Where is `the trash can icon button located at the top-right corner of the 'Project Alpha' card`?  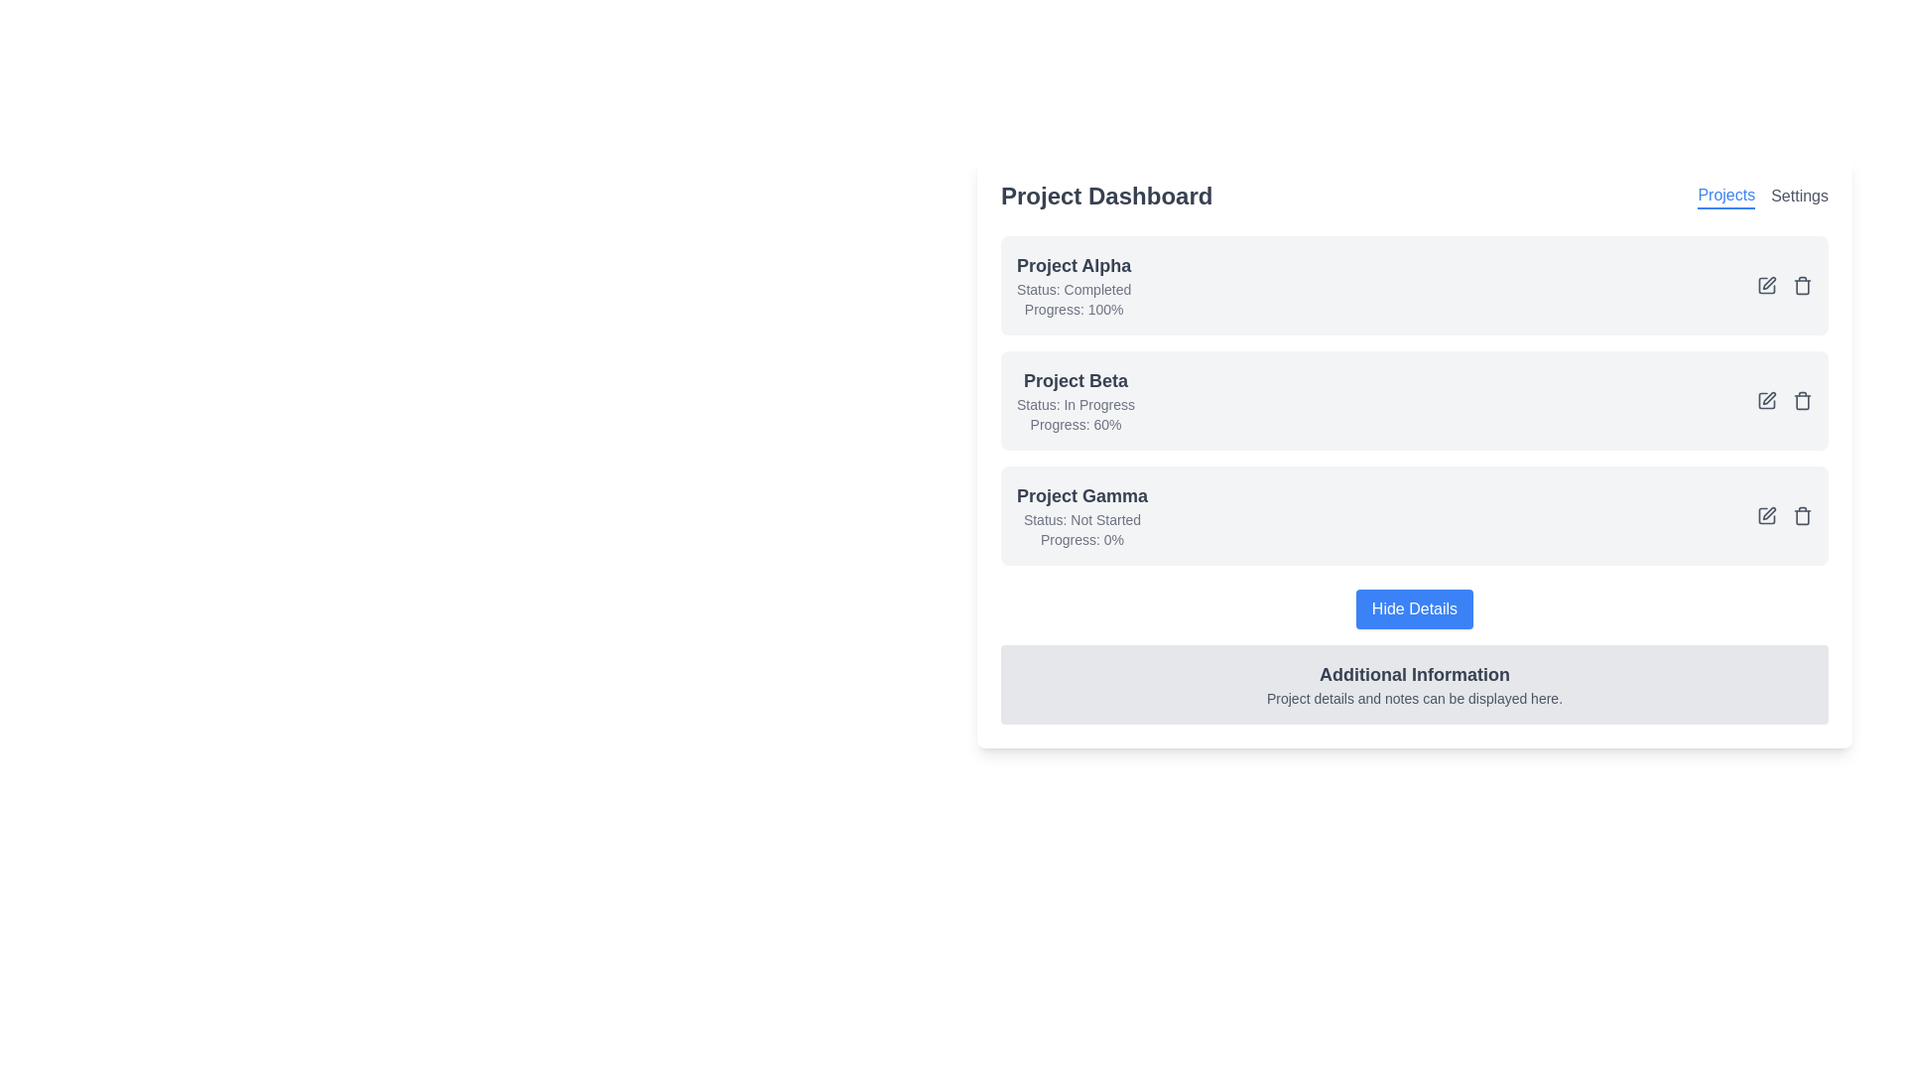
the trash can icon button located at the top-right corner of the 'Project Alpha' card is located at coordinates (1803, 287).